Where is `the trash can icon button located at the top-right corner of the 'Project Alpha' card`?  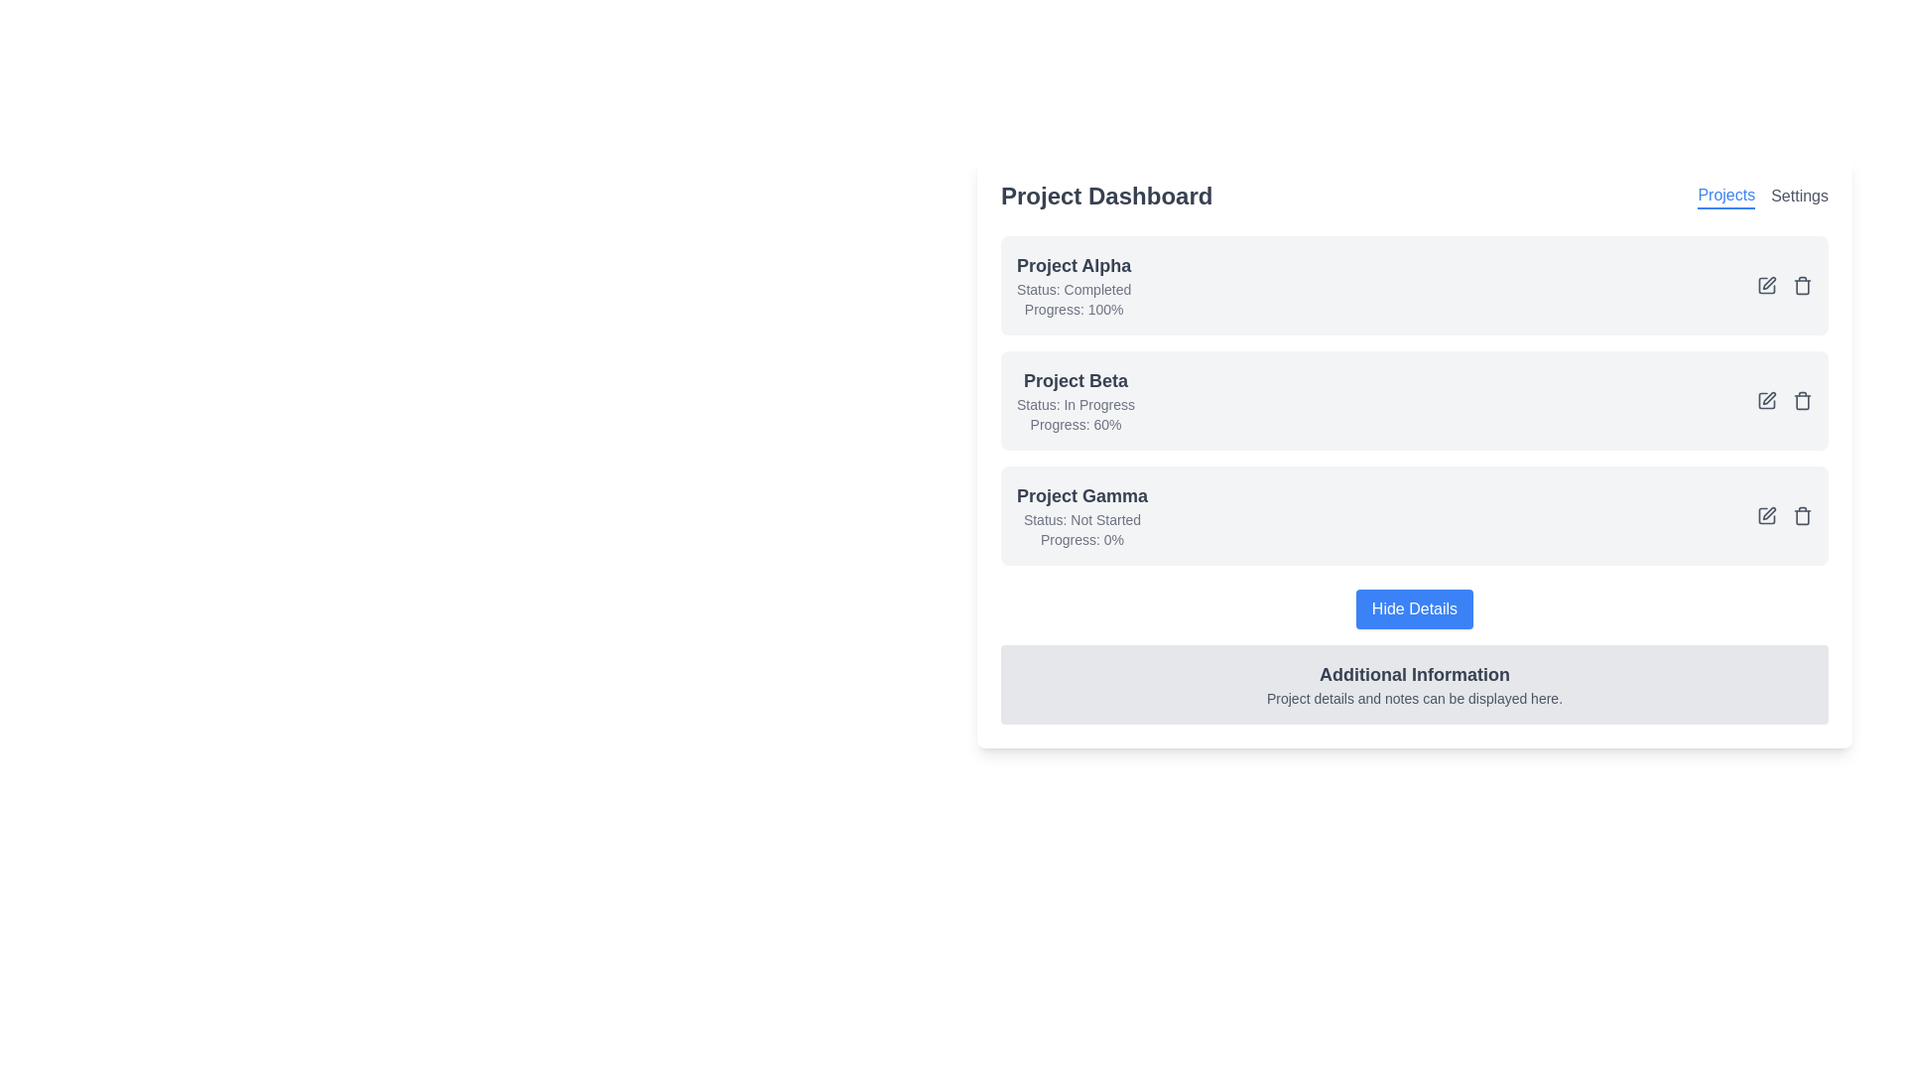
the trash can icon button located at the top-right corner of the 'Project Alpha' card is located at coordinates (1803, 287).